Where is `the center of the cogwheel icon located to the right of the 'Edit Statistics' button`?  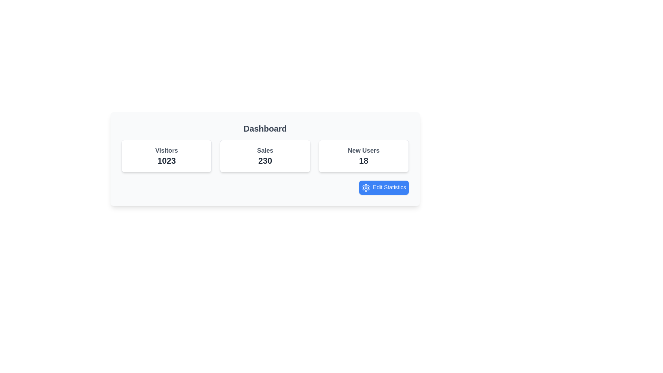 the center of the cogwheel icon located to the right of the 'Edit Statistics' button is located at coordinates (365, 188).